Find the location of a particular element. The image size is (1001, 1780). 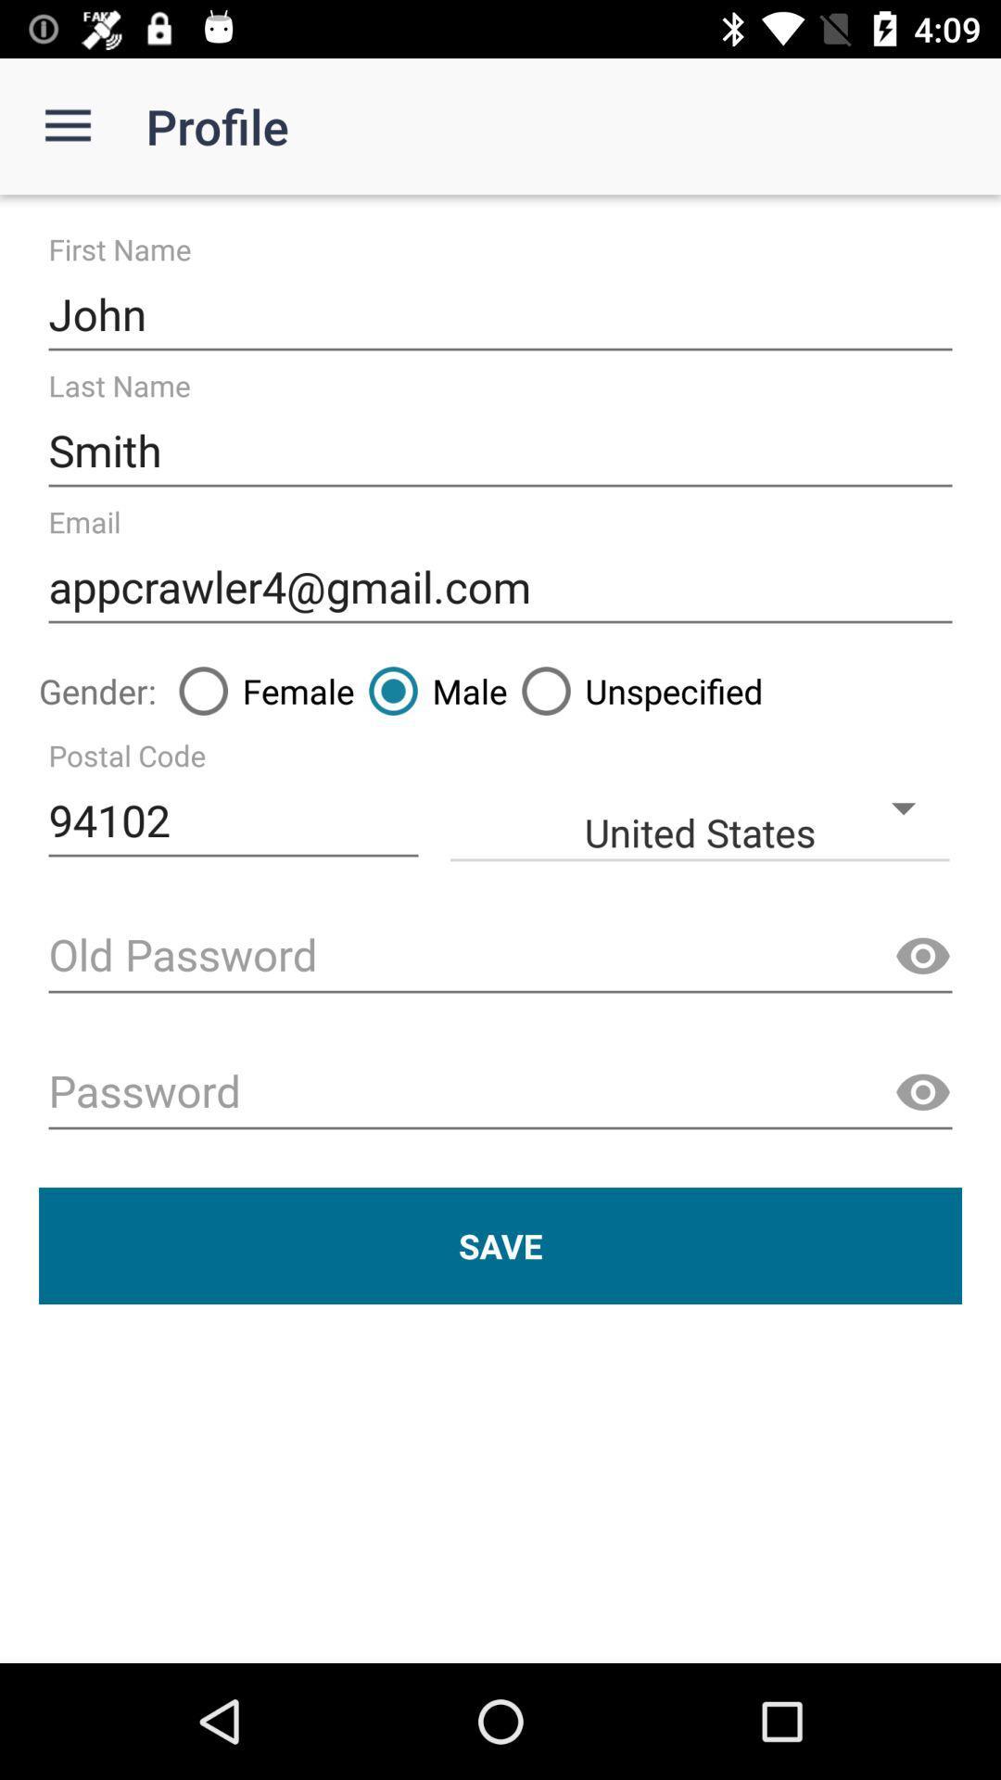

password visibility is located at coordinates (922, 957).